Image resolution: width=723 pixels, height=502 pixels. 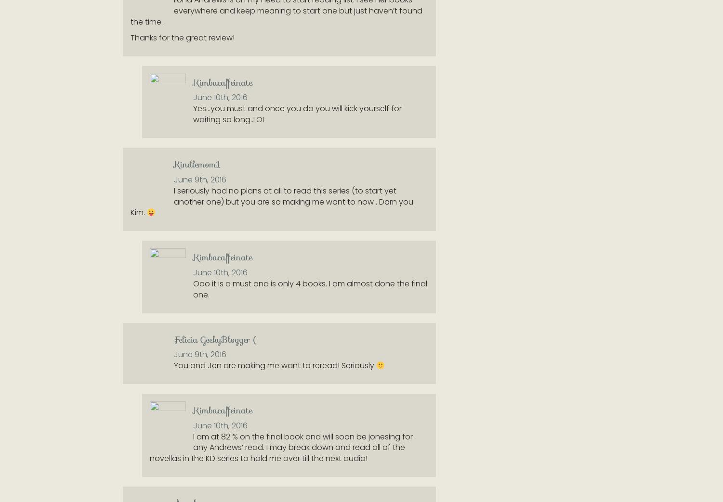 I want to click on 'I am at 82 % on the final book and will soon be jonesing for any Andrews’ read. I may break down and read all of the novellas in the KD series to hold me over till the next audio!', so click(x=281, y=447).